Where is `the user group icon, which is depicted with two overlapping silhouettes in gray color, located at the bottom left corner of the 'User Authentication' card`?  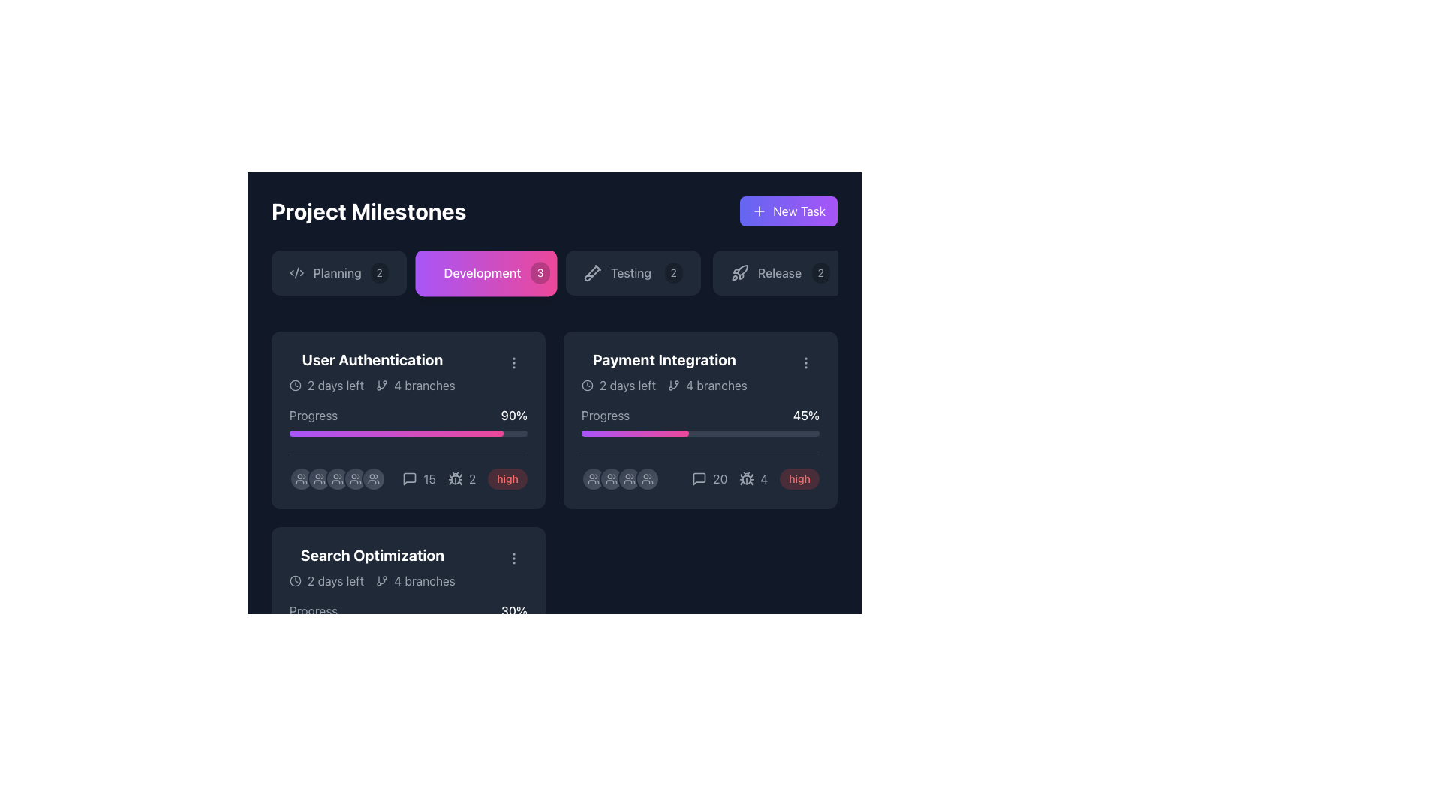 the user group icon, which is depicted with two overlapping silhouettes in gray color, located at the bottom left corner of the 'User Authentication' card is located at coordinates (301, 479).